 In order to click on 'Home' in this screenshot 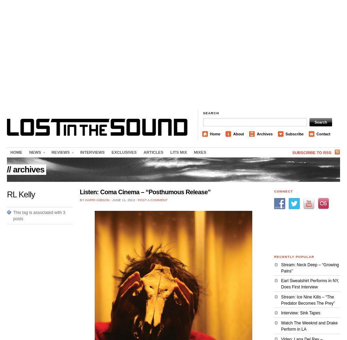, I will do `click(215, 134)`.